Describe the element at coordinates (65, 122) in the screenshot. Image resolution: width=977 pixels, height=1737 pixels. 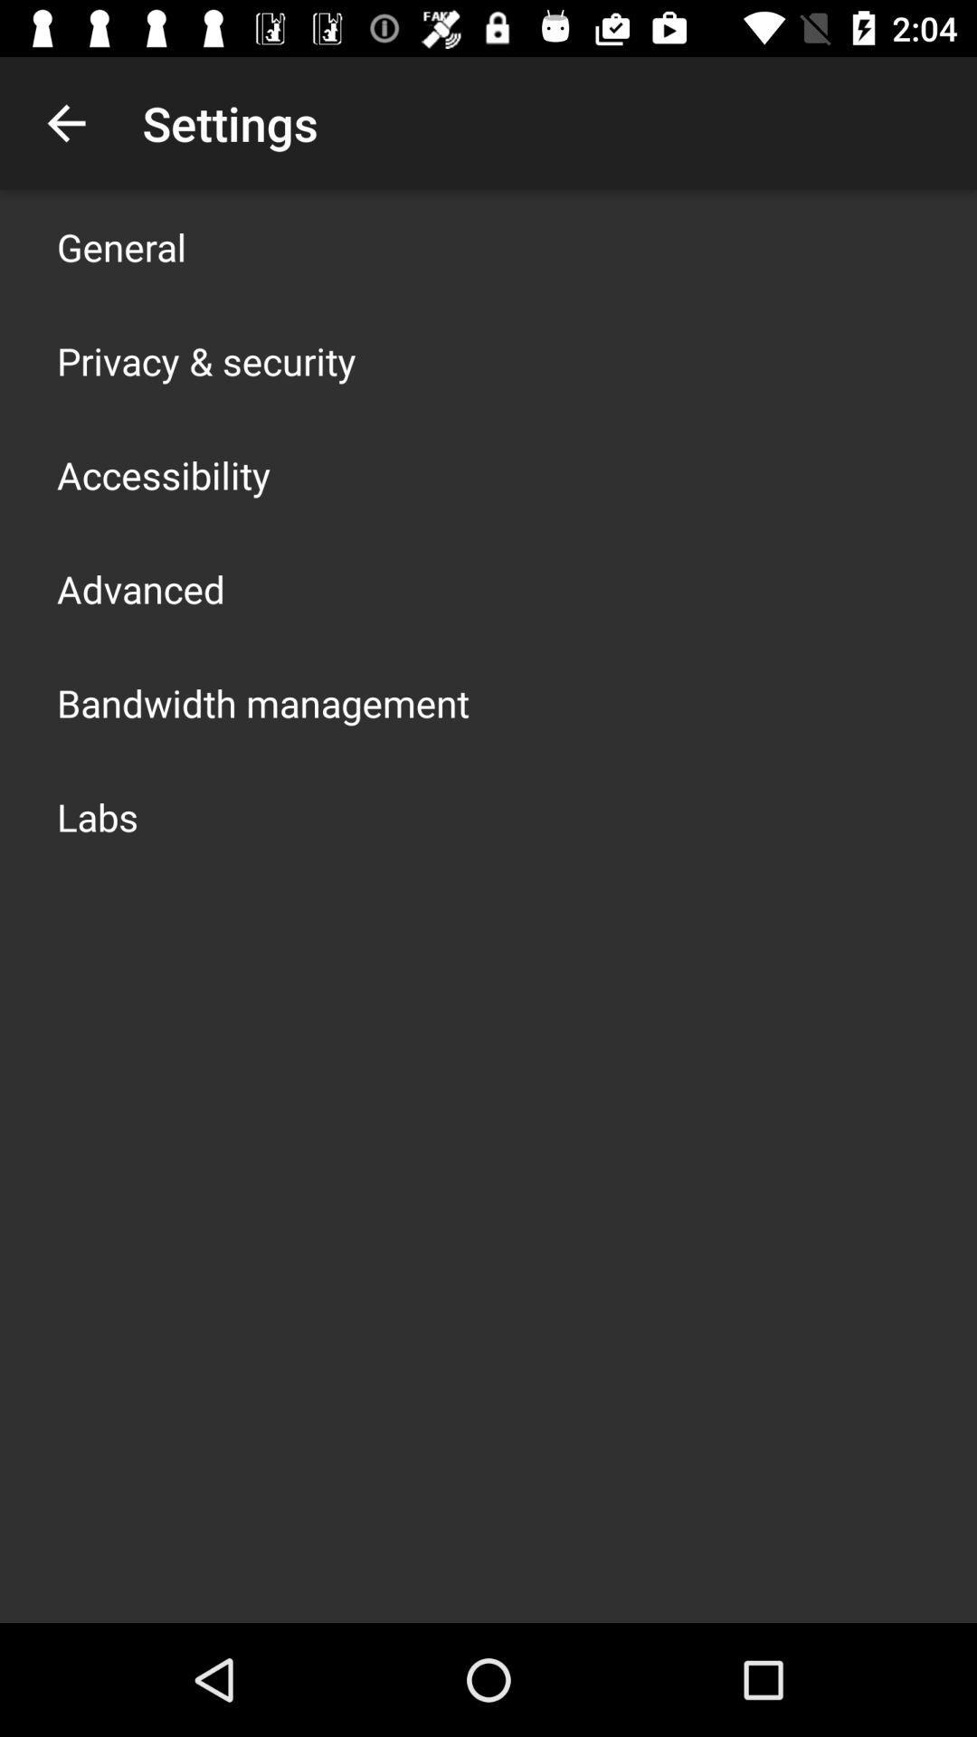
I see `app to the left of settings icon` at that location.